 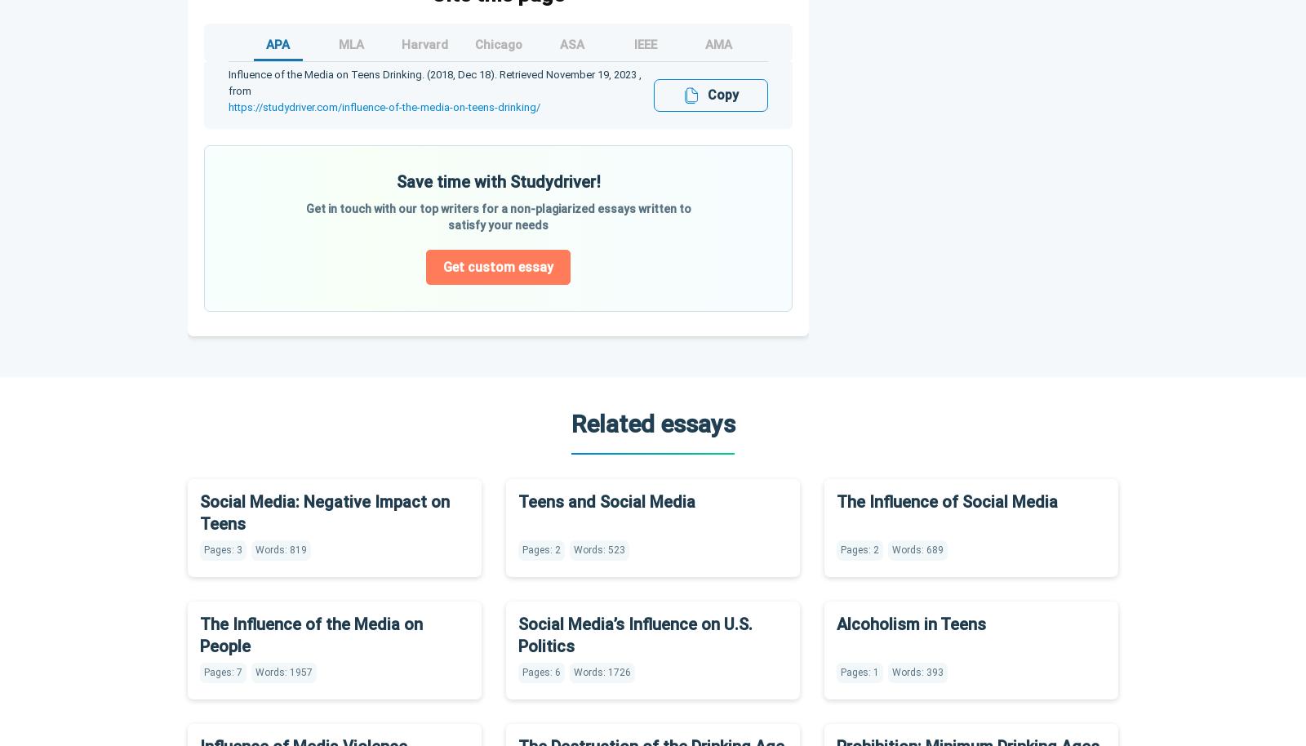 I want to click on 'APA', so click(x=278, y=44).